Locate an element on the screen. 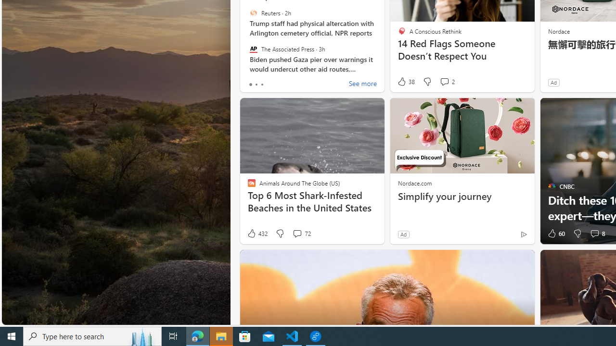 The image size is (616, 346). 'Dislike' is located at coordinates (577, 234).